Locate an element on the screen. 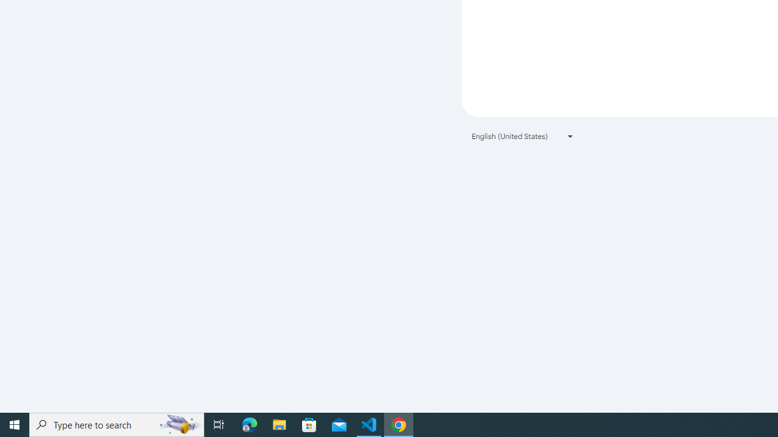  'English (United States)' is located at coordinates (523, 136).